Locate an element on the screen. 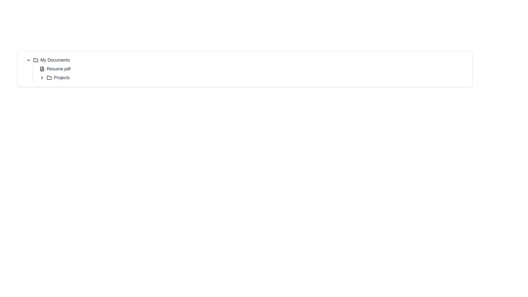  the text label displaying the name of the file in the 'My Documents' tree structure is located at coordinates (59, 68).